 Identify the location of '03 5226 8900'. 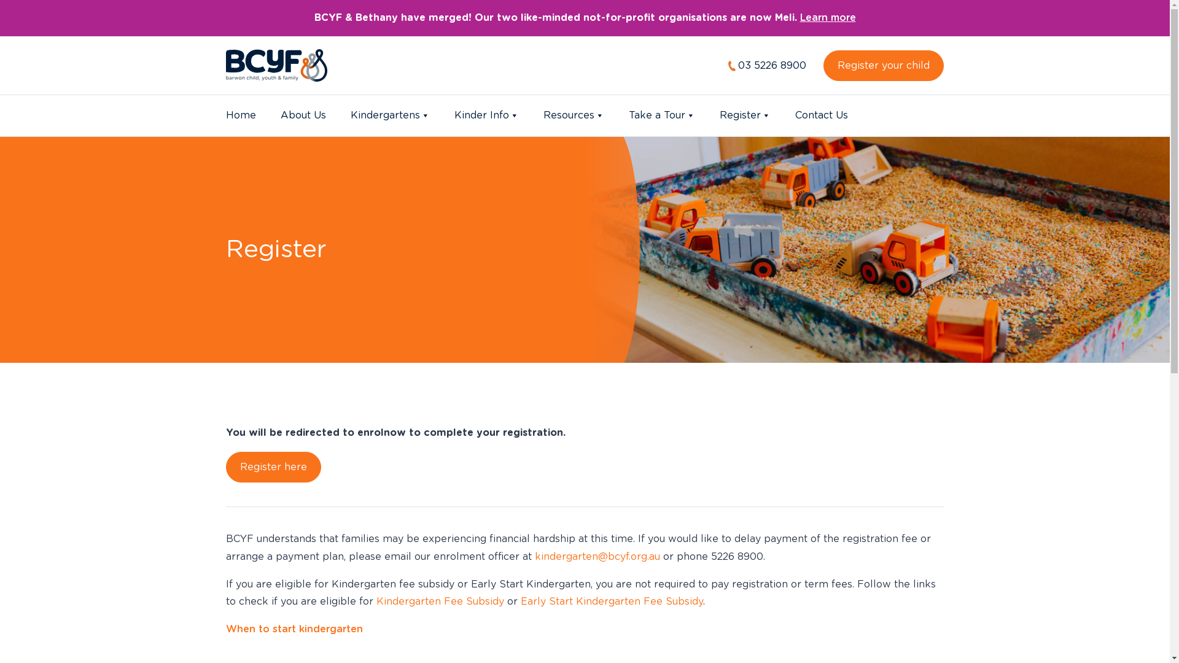
(766, 66).